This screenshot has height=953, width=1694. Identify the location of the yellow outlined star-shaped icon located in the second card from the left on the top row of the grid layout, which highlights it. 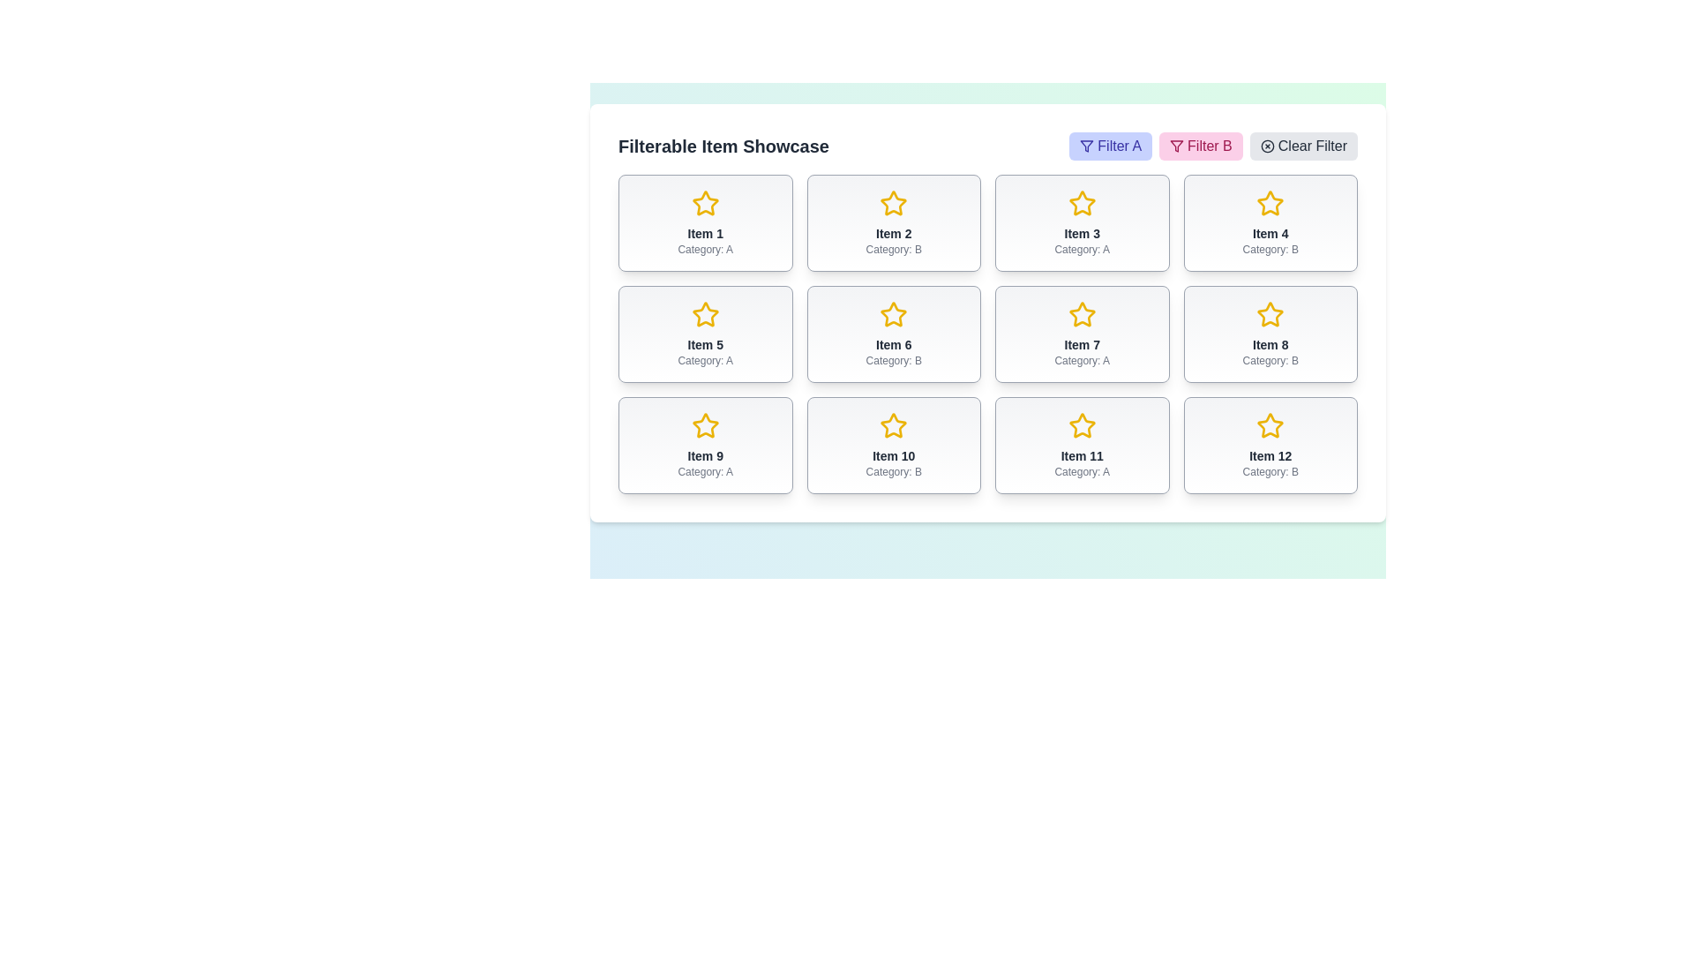
(894, 203).